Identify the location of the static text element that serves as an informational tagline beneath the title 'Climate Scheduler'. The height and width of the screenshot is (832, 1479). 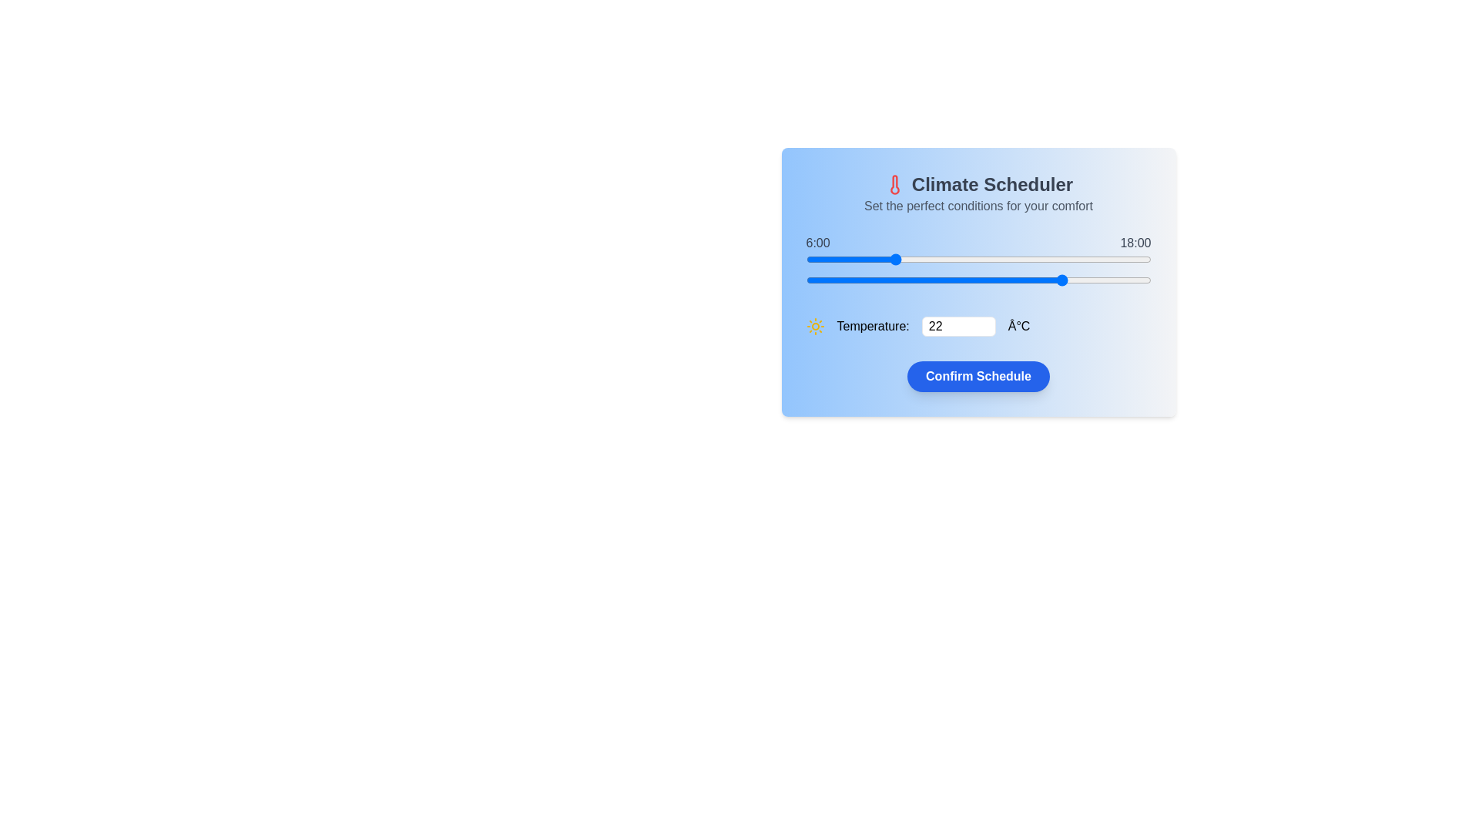
(978, 205).